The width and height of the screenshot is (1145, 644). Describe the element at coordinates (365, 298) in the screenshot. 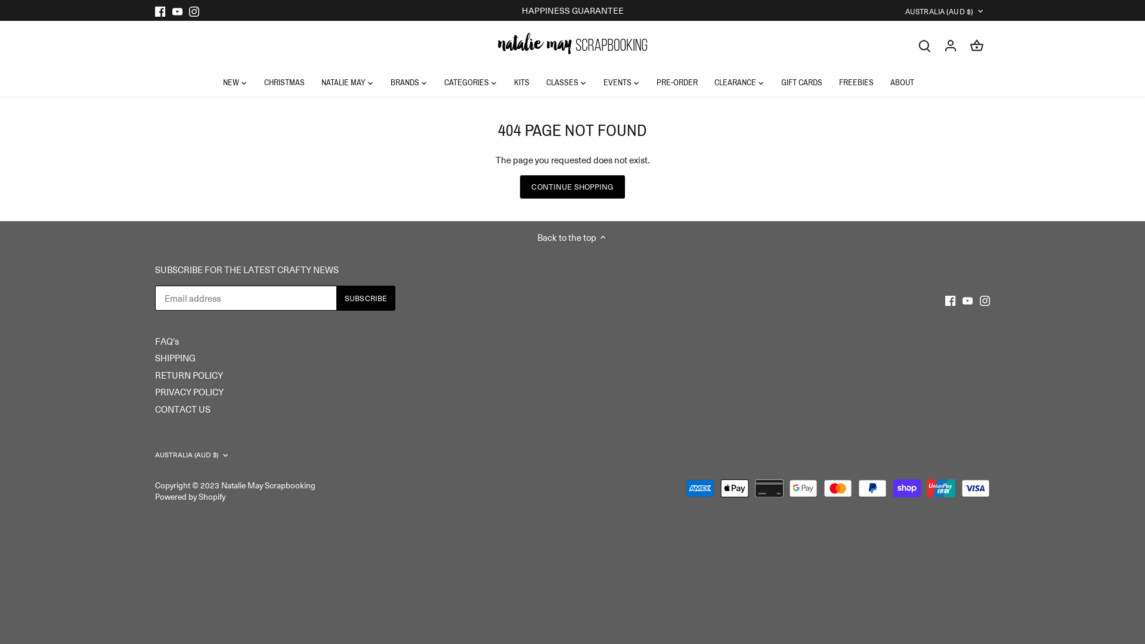

I see `'Subscribe'` at that location.